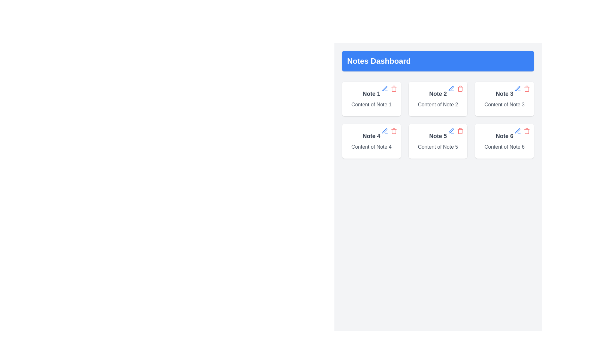  Describe the element at coordinates (455, 130) in the screenshot. I see `the interactive icons grouped together, which includes a blue pencil icon for editing and a red trash bin icon for deleting, located at the top-right corner inside the 'Note 5' card` at that location.